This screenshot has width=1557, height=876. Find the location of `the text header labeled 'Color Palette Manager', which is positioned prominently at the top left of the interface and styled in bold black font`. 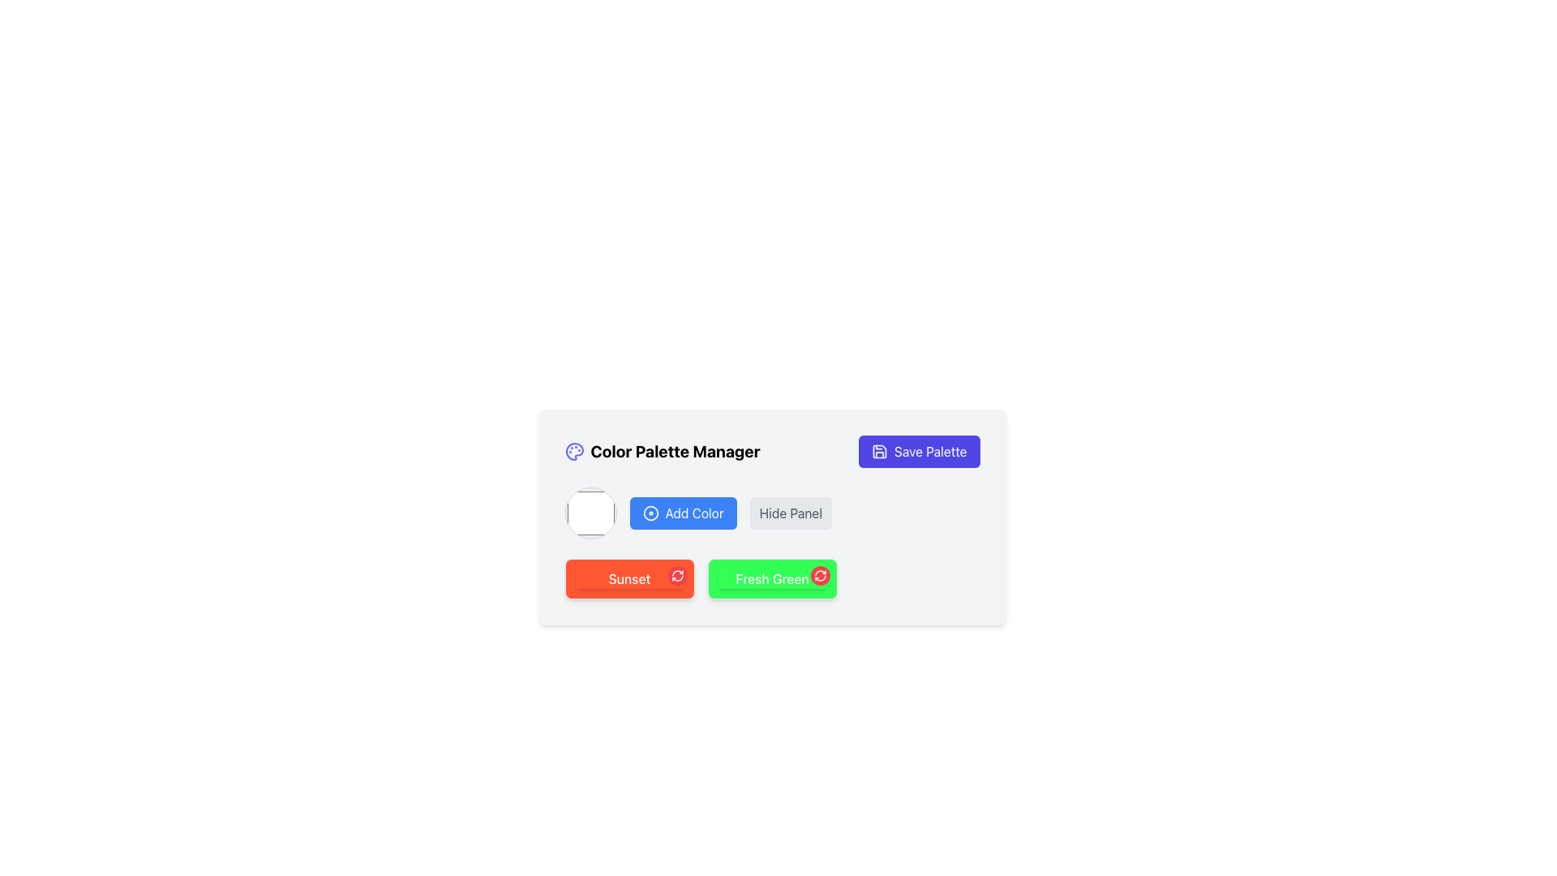

the text header labeled 'Color Palette Manager', which is positioned prominently at the top left of the interface and styled in bold black font is located at coordinates (662, 451).